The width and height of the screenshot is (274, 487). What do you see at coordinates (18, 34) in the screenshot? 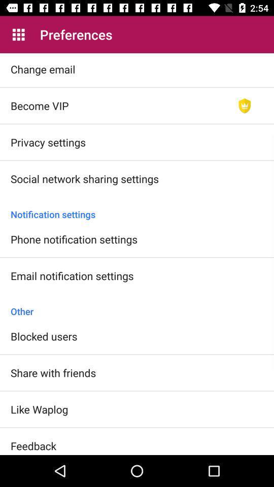
I see `the icon above the change email item` at bounding box center [18, 34].